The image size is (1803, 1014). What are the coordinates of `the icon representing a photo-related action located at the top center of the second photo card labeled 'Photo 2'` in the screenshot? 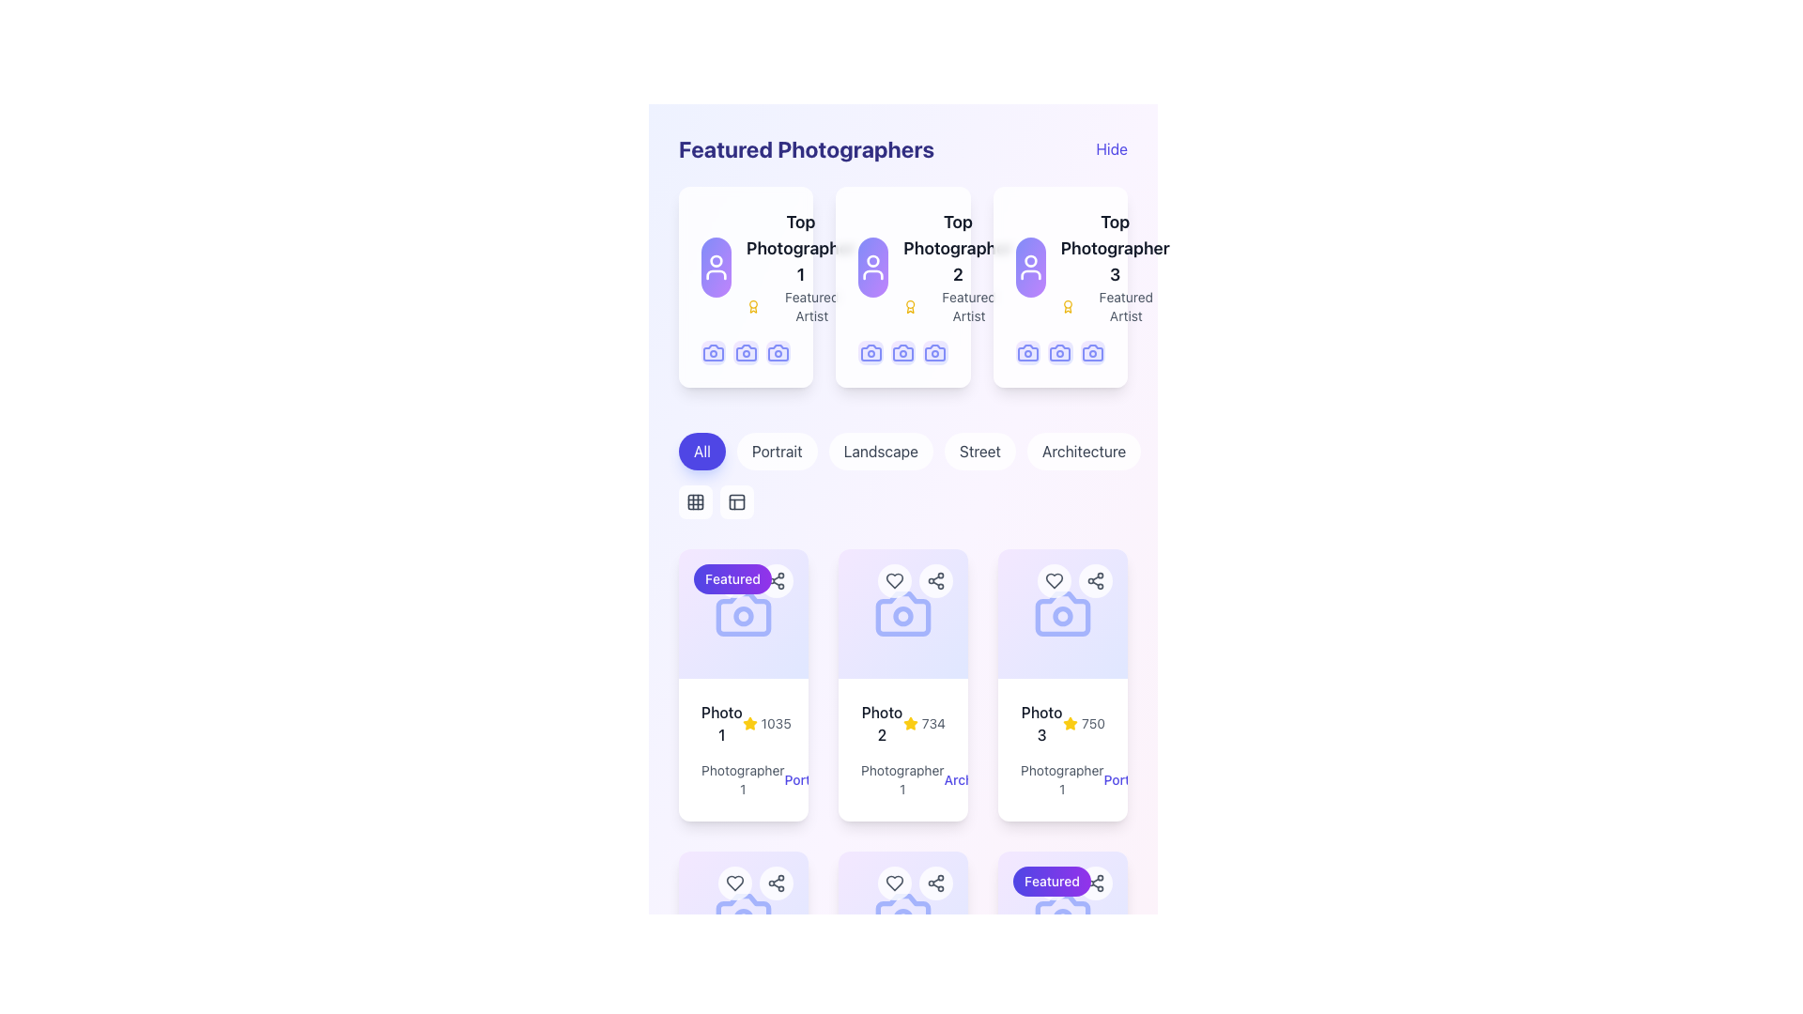 It's located at (902, 614).